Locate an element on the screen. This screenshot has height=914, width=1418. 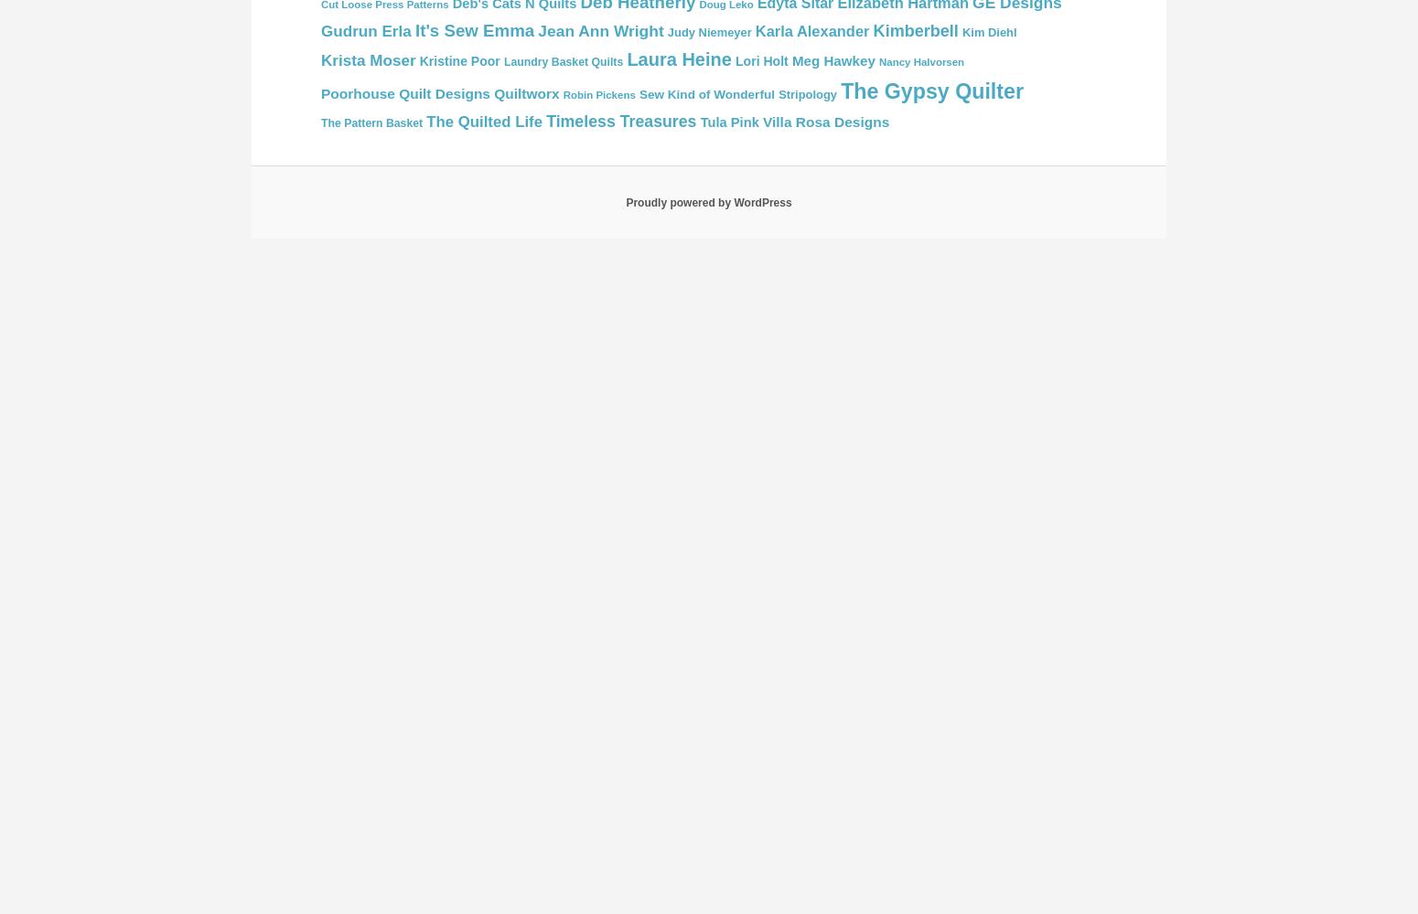
'Tula Pink' is located at coordinates (728, 122).